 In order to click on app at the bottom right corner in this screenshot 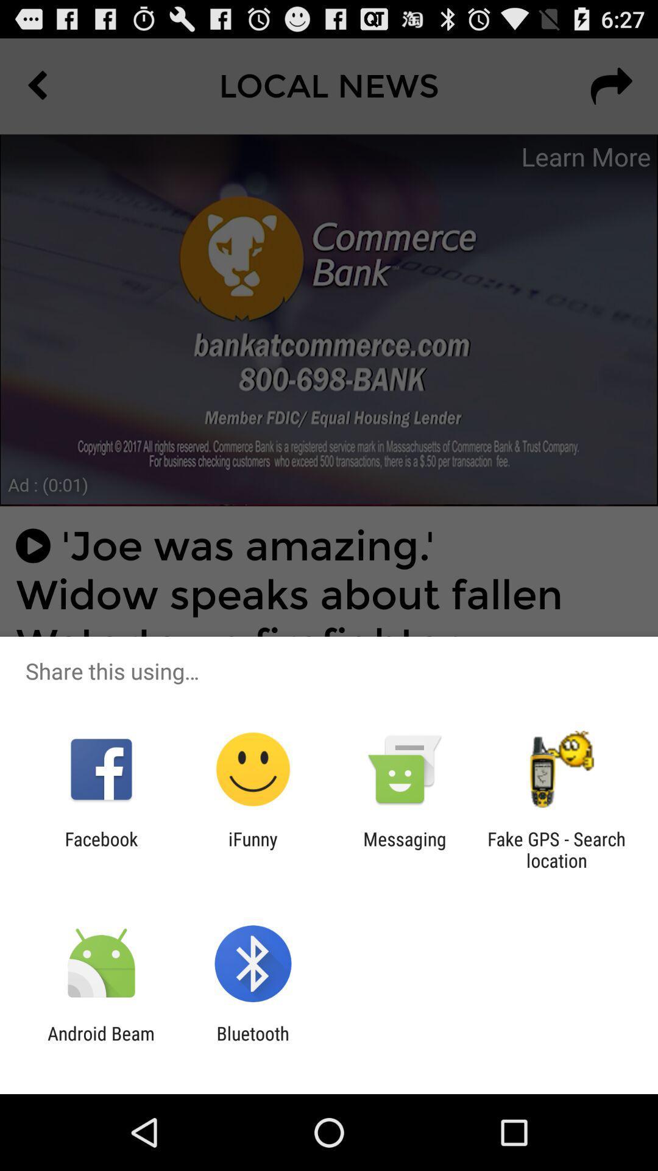, I will do `click(556, 849)`.